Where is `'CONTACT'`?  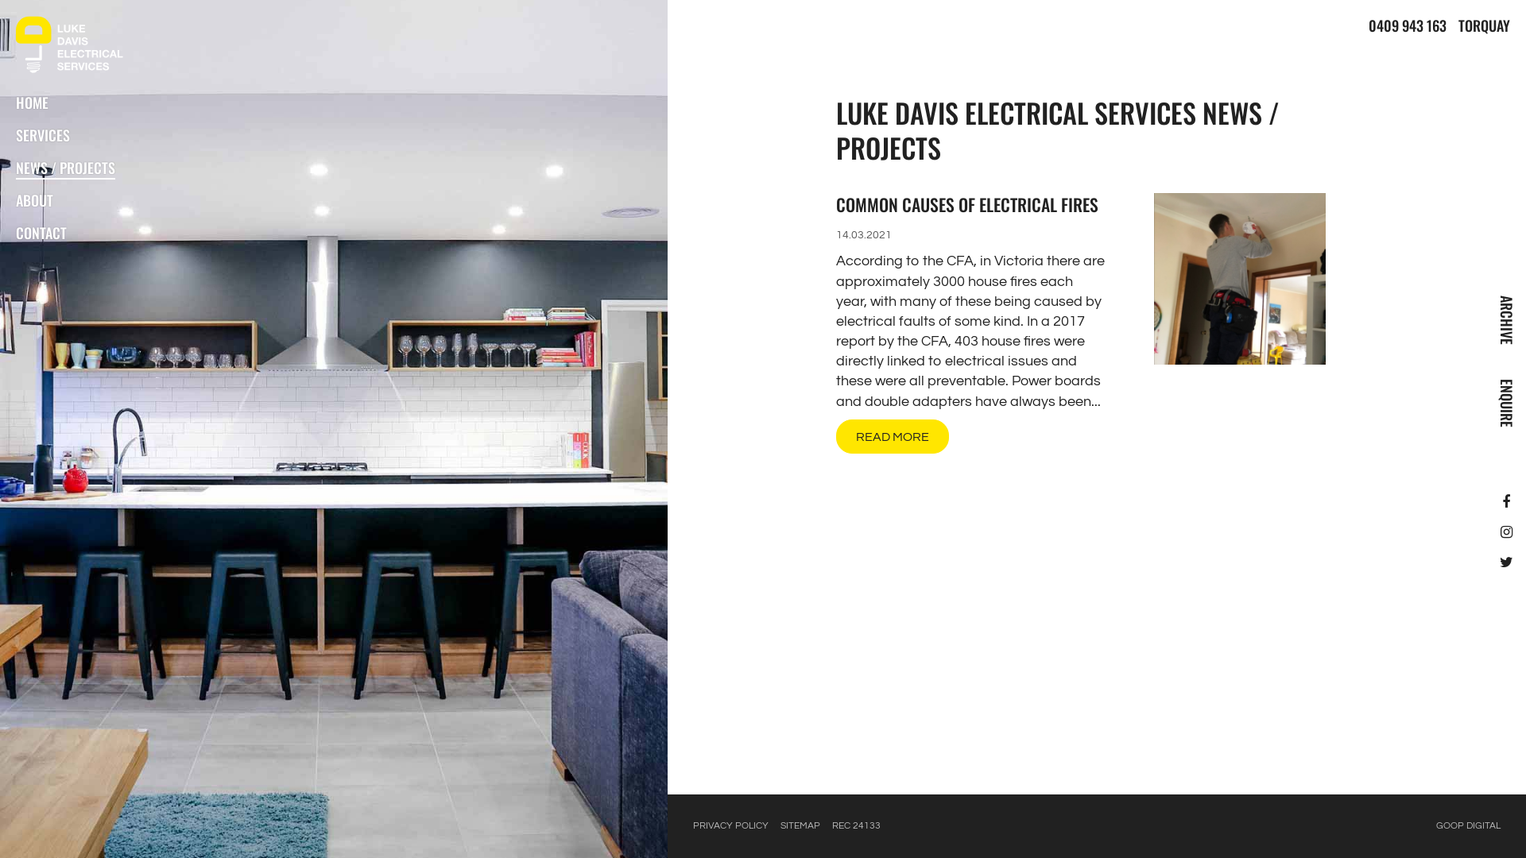 'CONTACT' is located at coordinates (41, 234).